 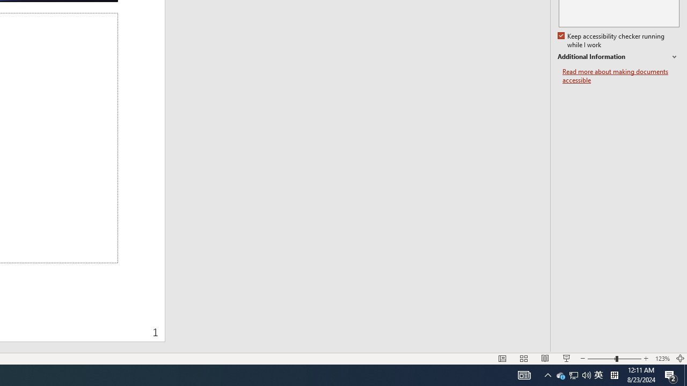 I want to click on 'Zoom 123%', so click(x=662, y=359).